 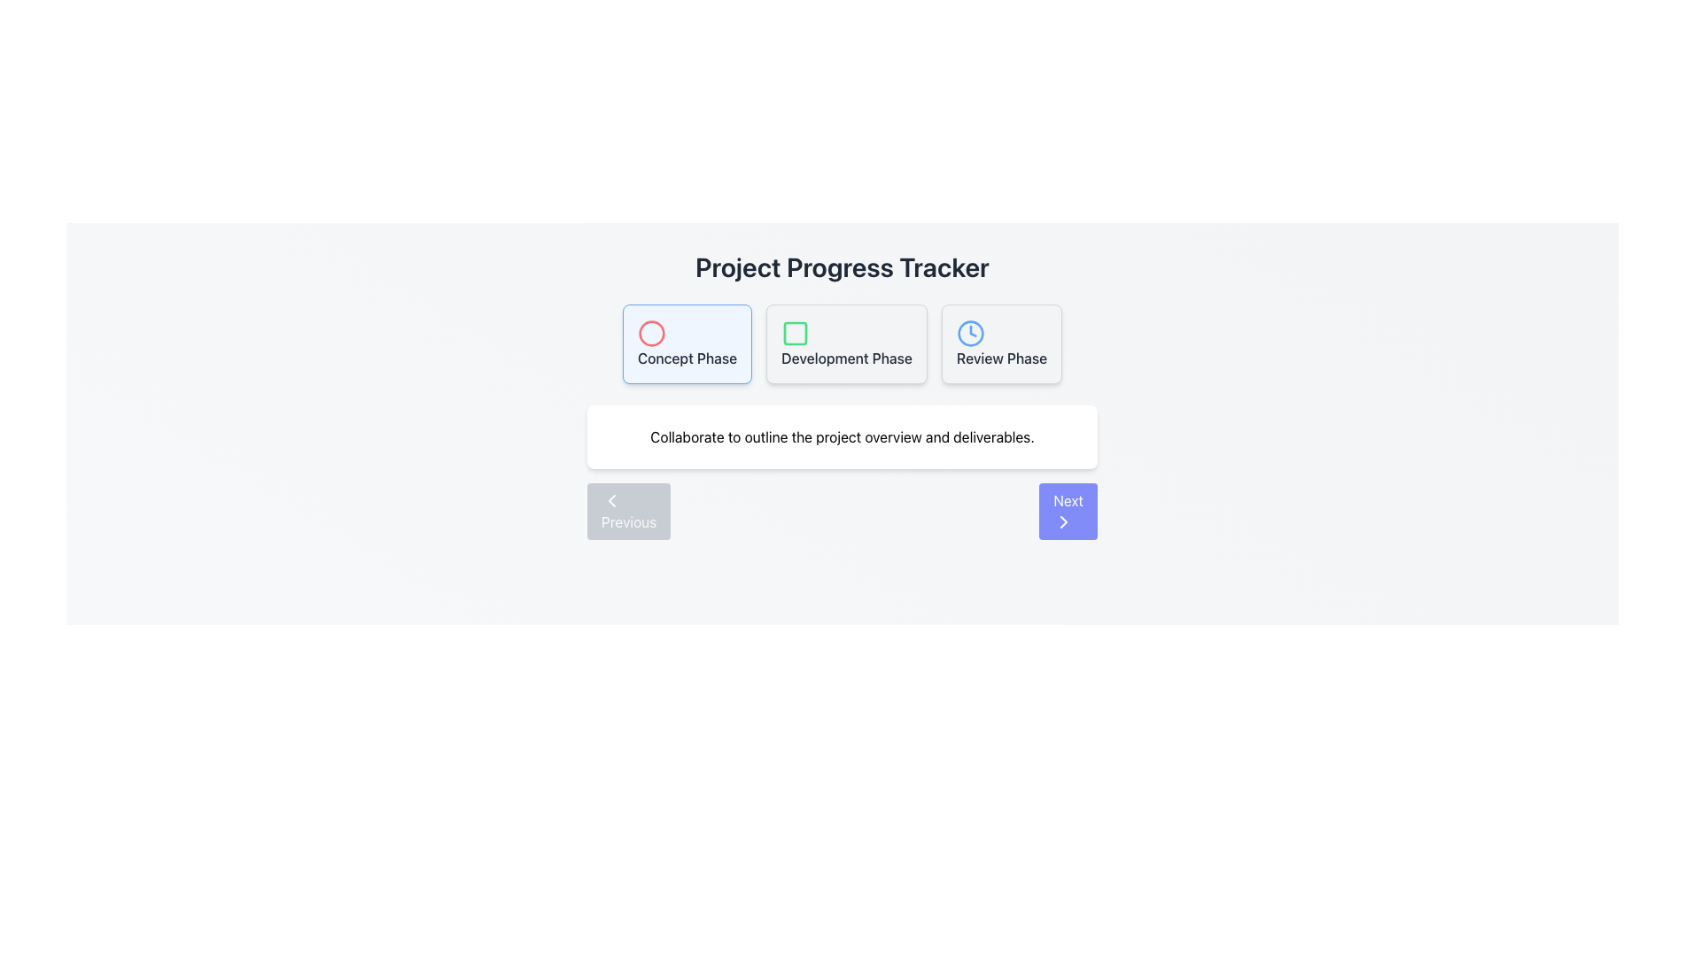 What do you see at coordinates (841, 266) in the screenshot?
I see `the bold, large-sized text reading 'Project Progress Tracker' located at the top center of the page, directly above the phase boxes` at bounding box center [841, 266].